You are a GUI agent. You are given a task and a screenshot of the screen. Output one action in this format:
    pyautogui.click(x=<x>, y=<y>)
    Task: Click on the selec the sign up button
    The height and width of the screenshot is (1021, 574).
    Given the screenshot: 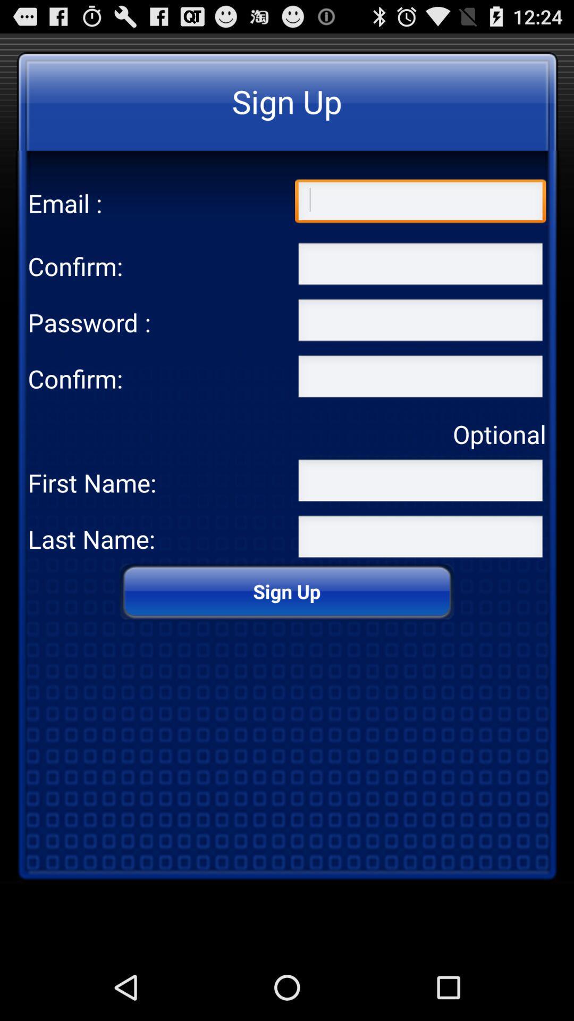 What is the action you would take?
    pyautogui.click(x=420, y=379)
    